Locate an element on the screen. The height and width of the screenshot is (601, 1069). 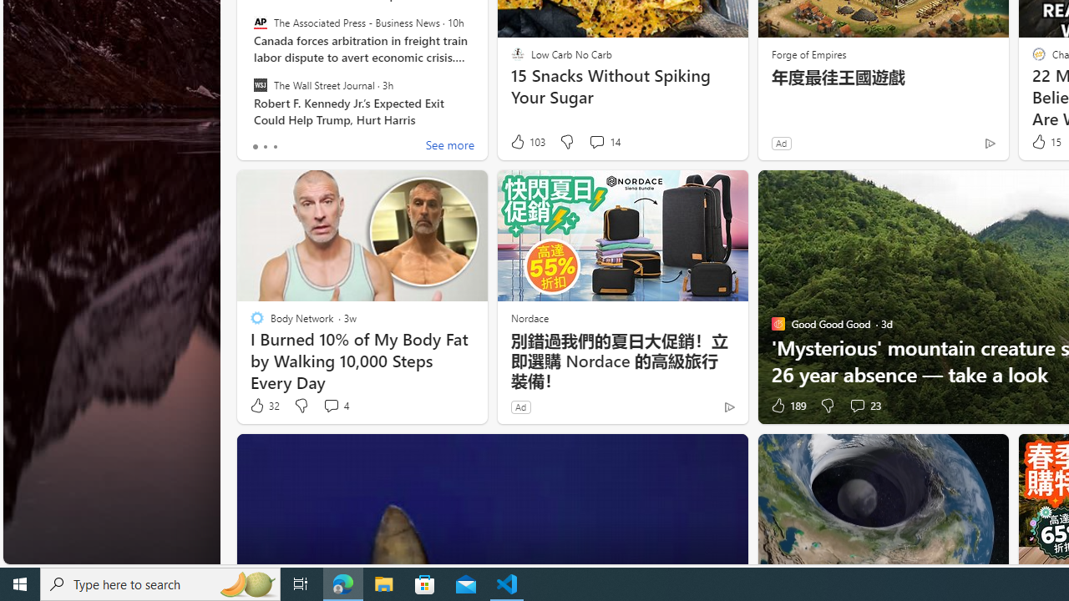
'The Wall Street Journal' is located at coordinates (259, 84).